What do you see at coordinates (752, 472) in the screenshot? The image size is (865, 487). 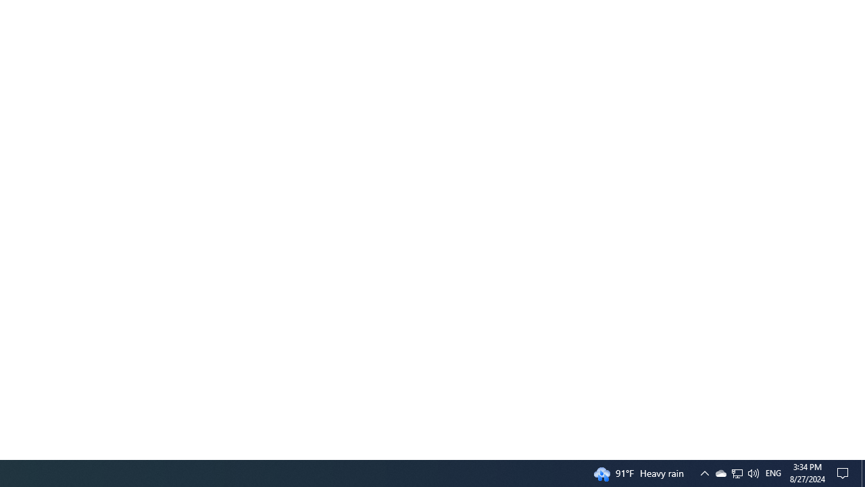 I see `'User Promoted Notification Area'` at bounding box center [752, 472].